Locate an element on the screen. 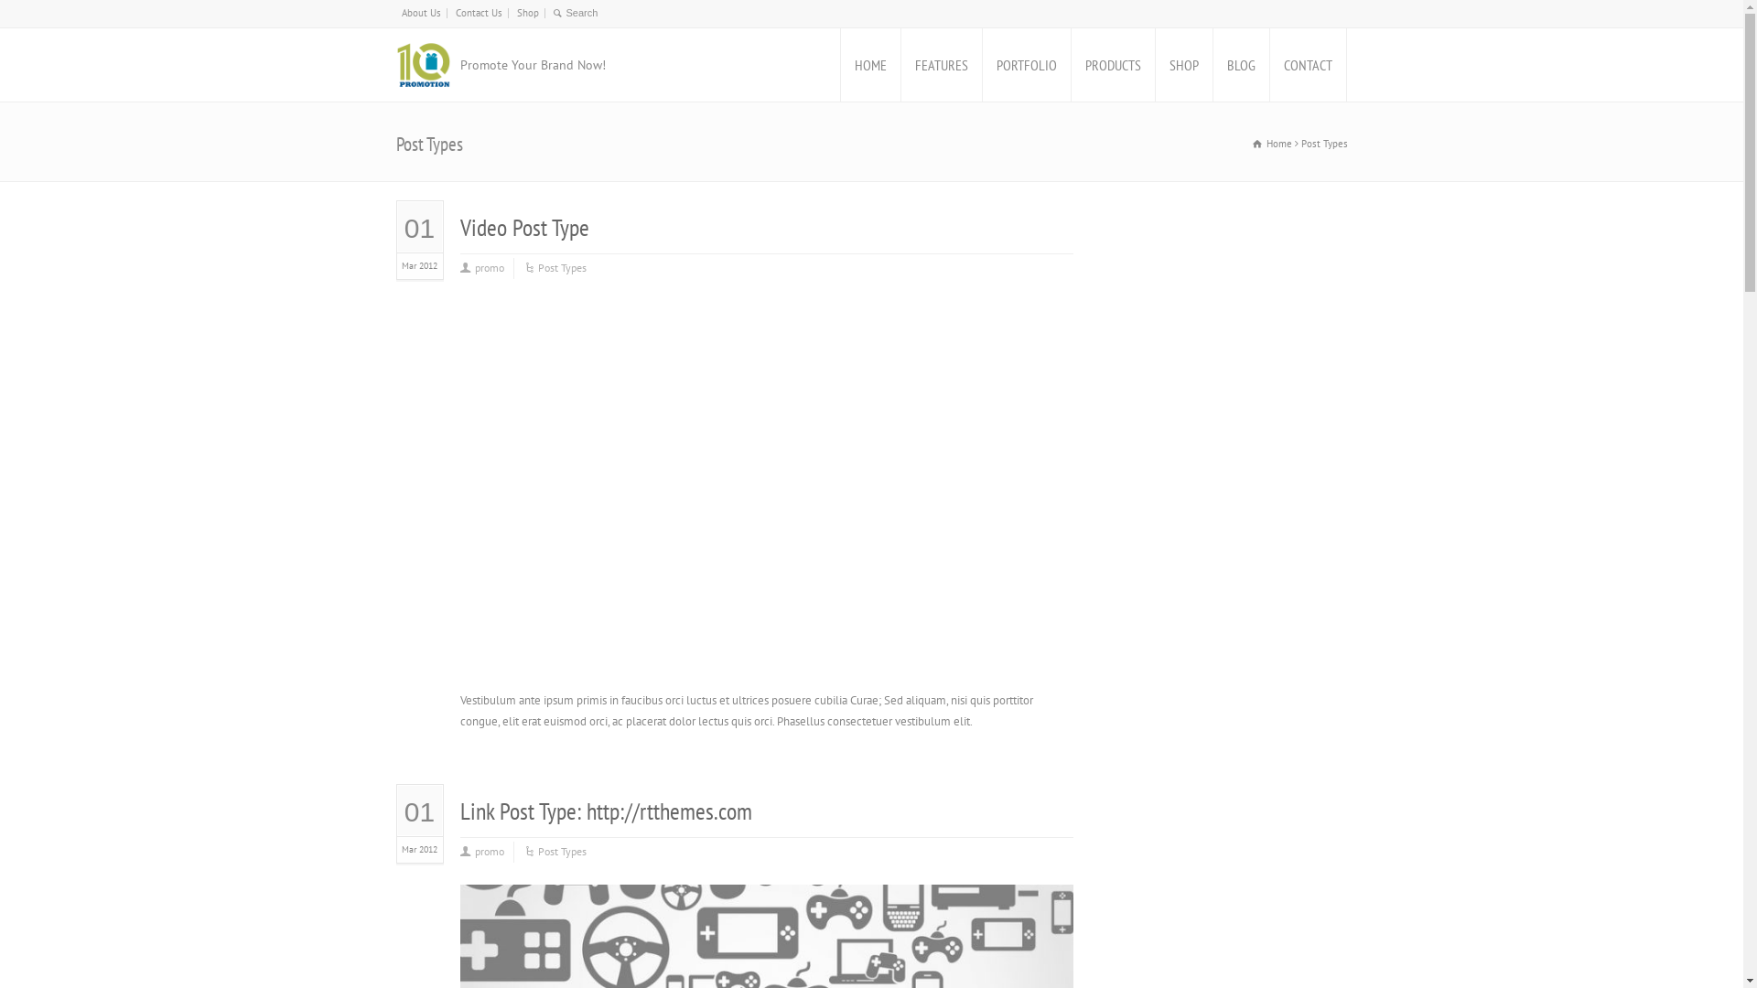 This screenshot has width=1757, height=988. 'Shop' is located at coordinates (515, 13).